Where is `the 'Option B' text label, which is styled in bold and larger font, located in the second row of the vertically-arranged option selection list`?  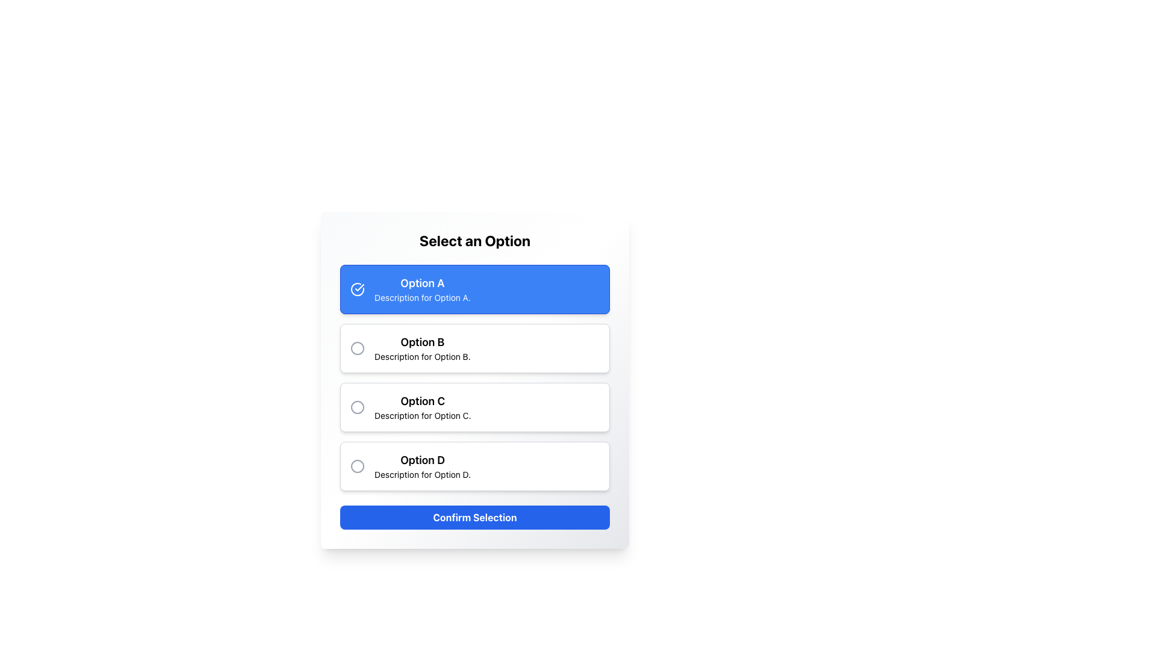 the 'Option B' text label, which is styled in bold and larger font, located in the second row of the vertically-arranged option selection list is located at coordinates (422, 342).